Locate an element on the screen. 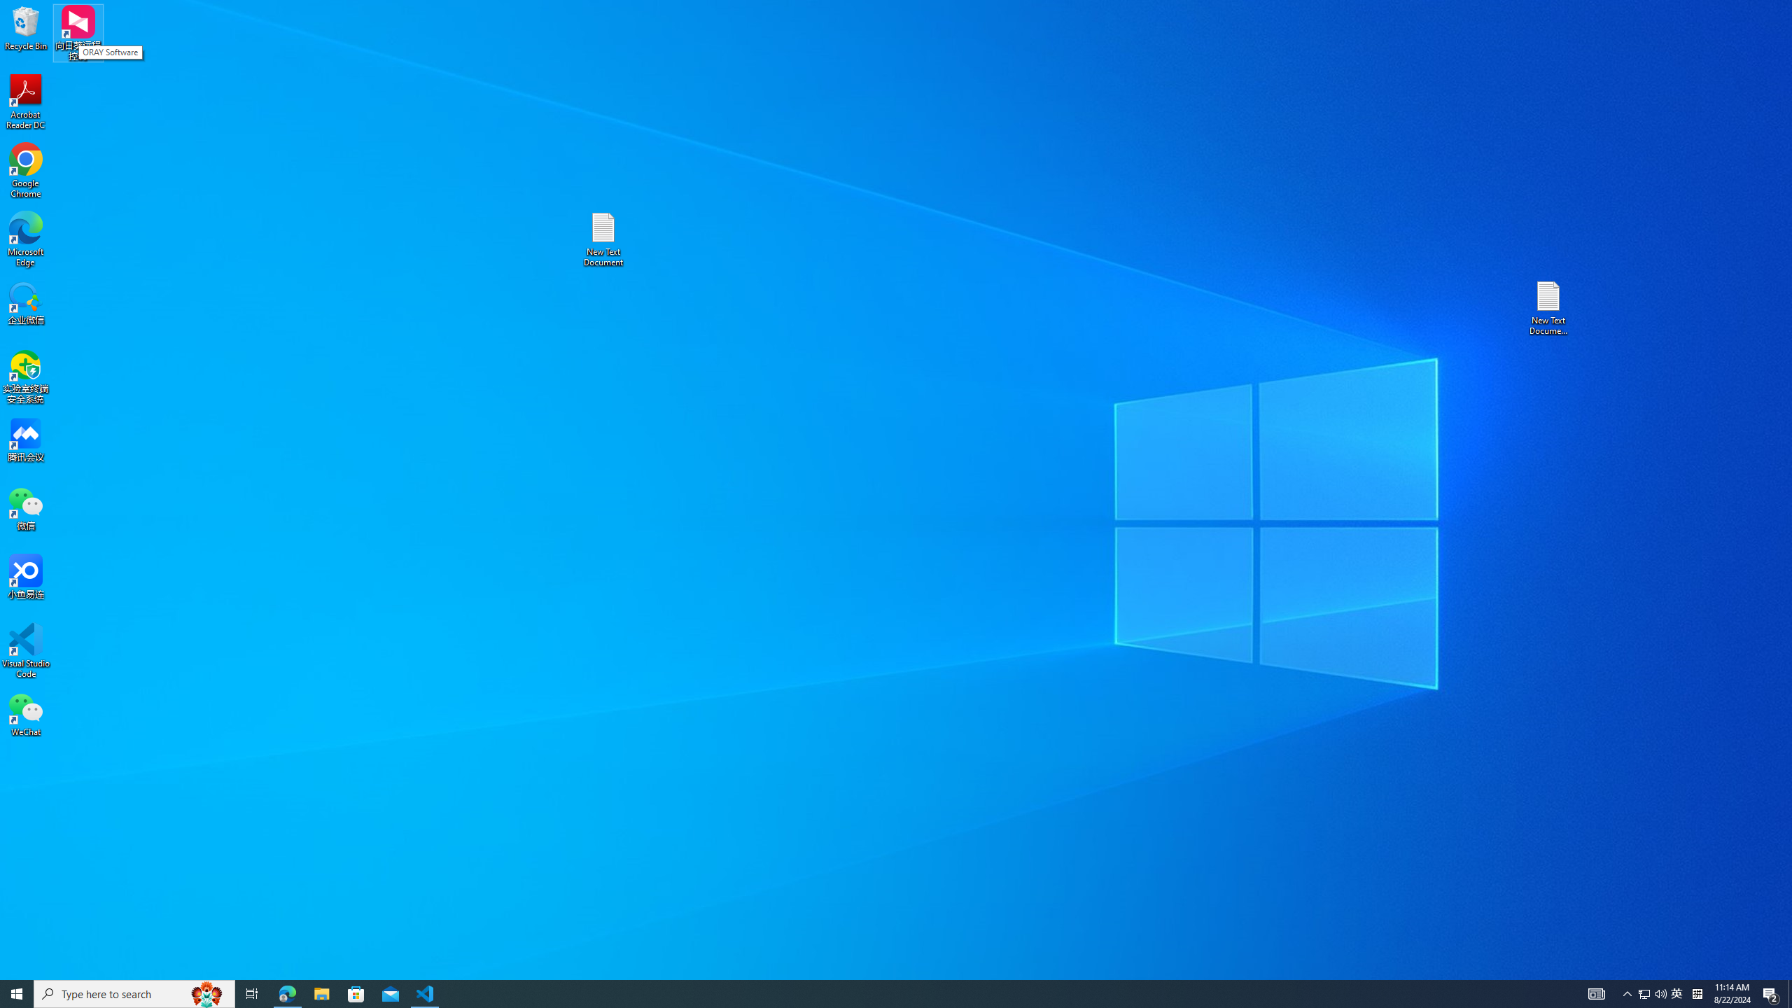 This screenshot has height=1008, width=1792. 'User Promoted Notification Area' is located at coordinates (1652, 993).